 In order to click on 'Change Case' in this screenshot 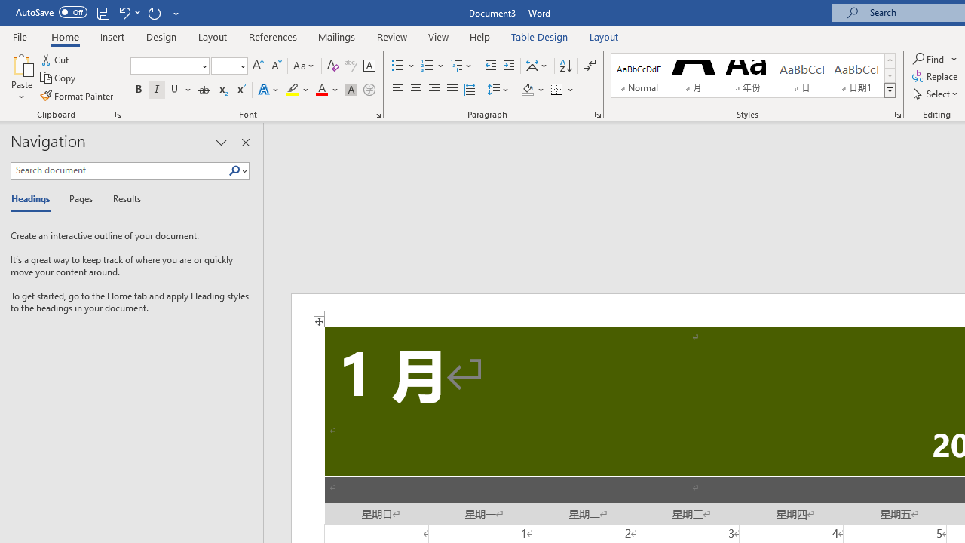, I will do `click(304, 65)`.